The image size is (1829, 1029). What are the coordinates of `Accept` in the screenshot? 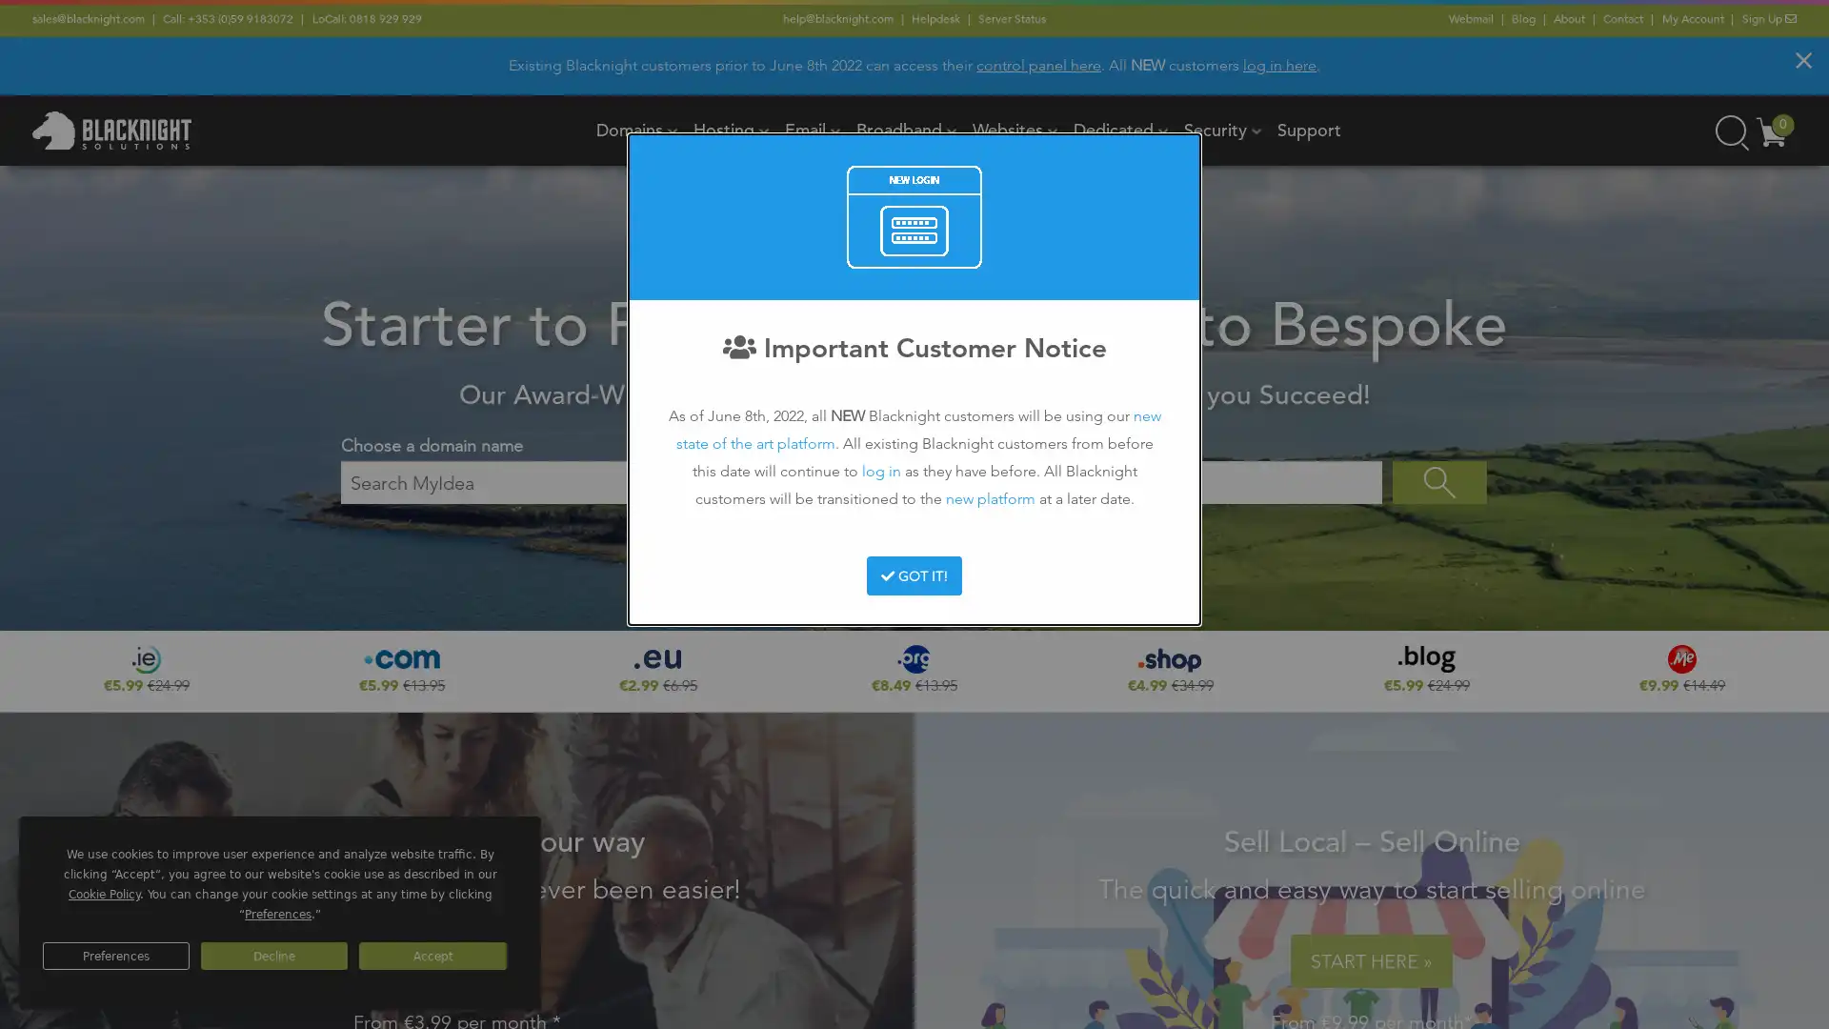 It's located at (432, 956).